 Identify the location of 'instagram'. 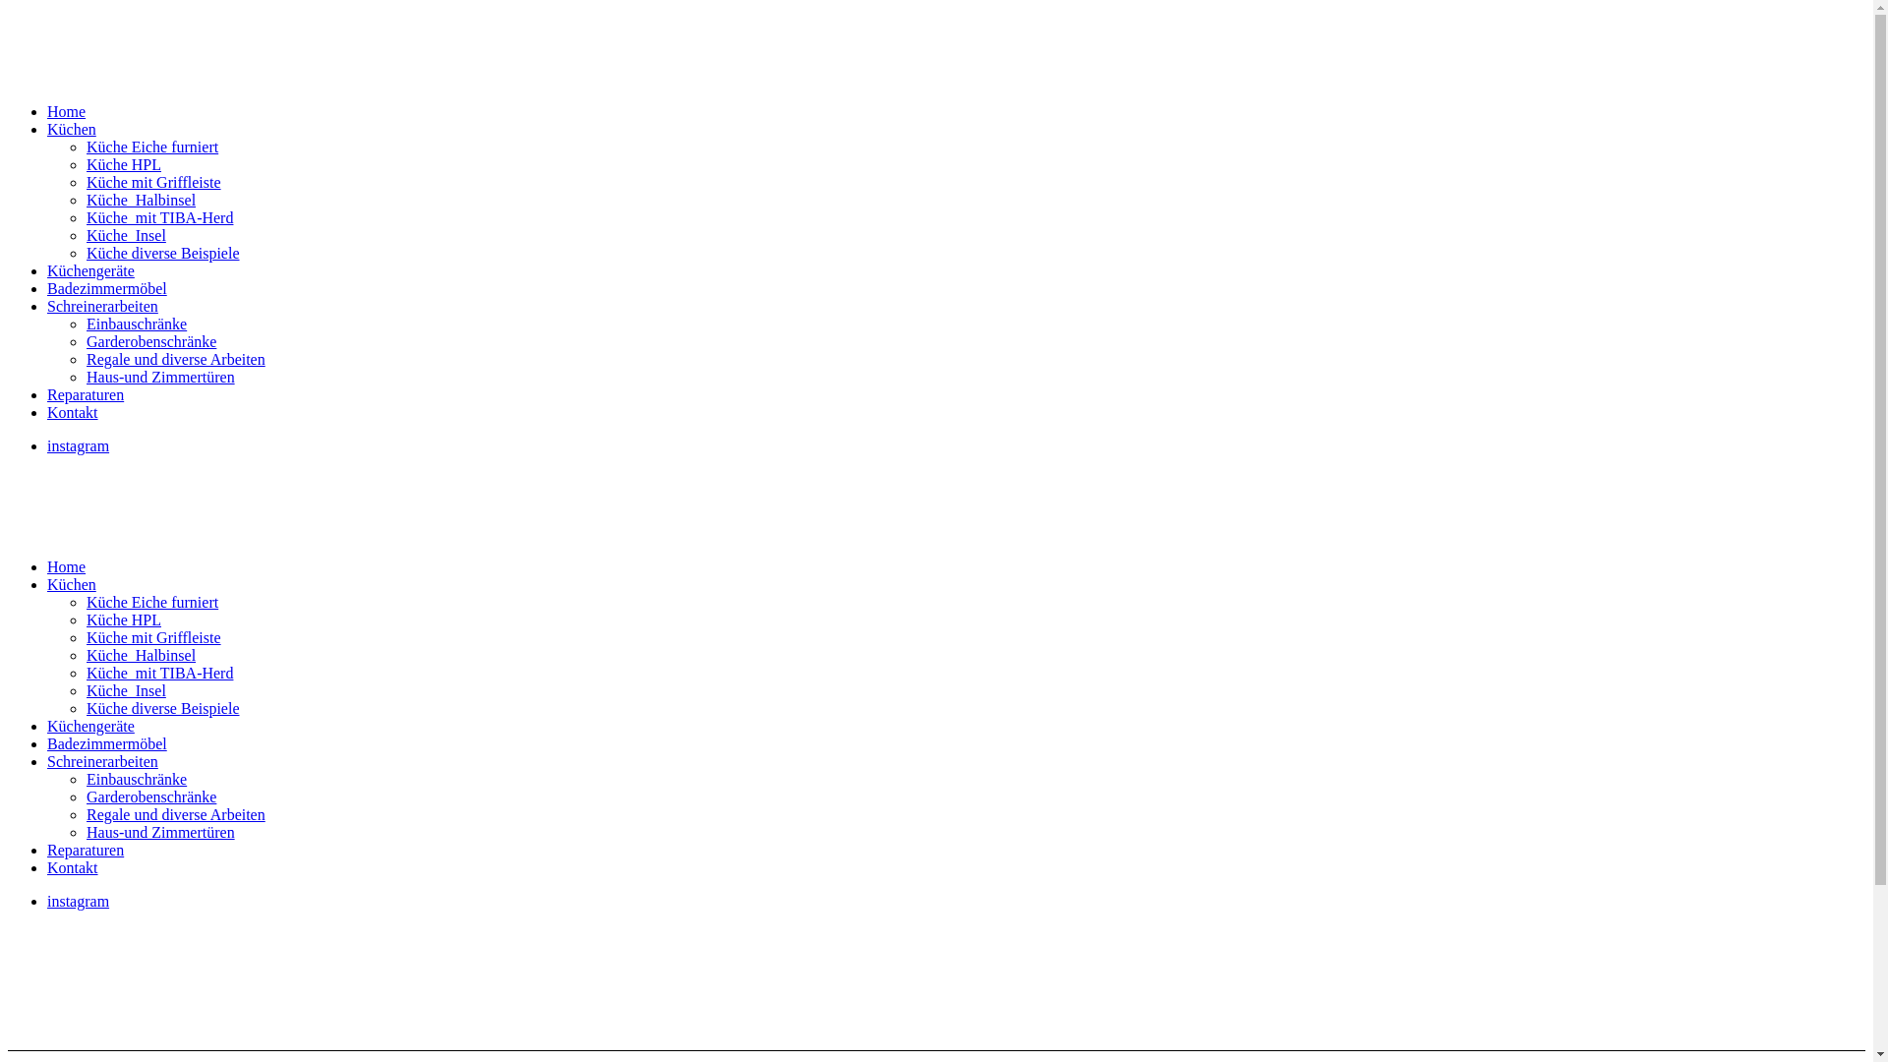
(78, 445).